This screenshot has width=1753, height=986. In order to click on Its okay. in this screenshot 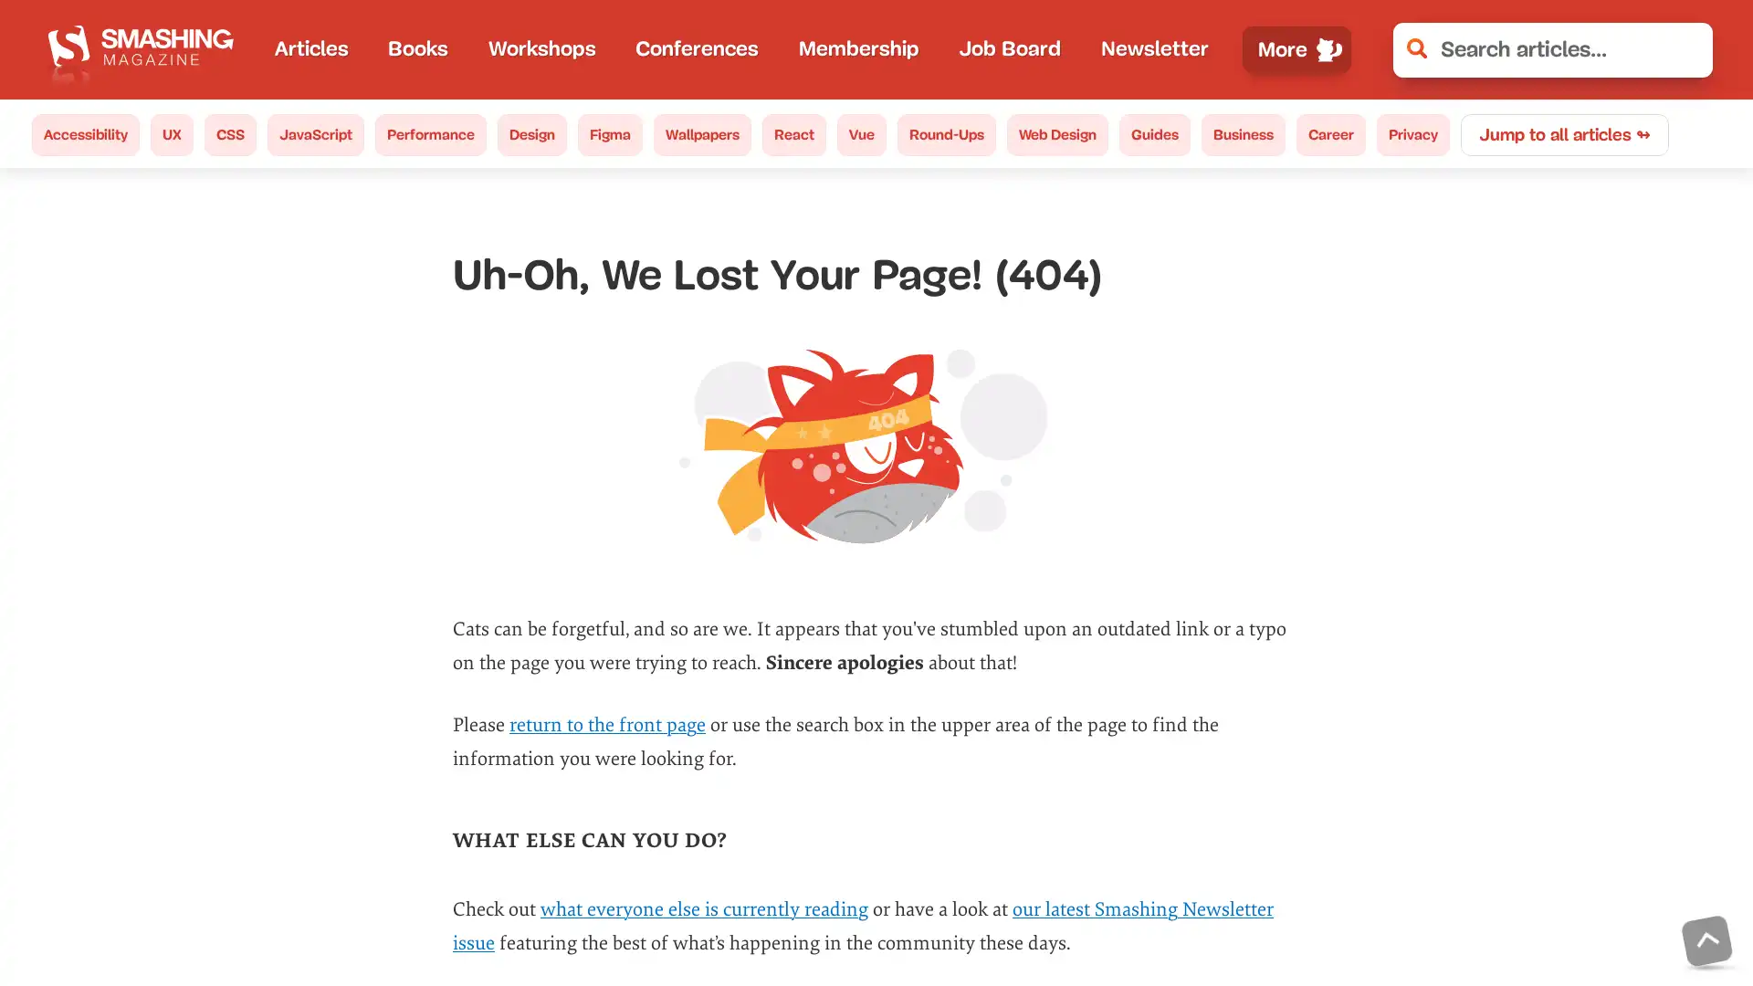, I will do `click(1600, 912)`.